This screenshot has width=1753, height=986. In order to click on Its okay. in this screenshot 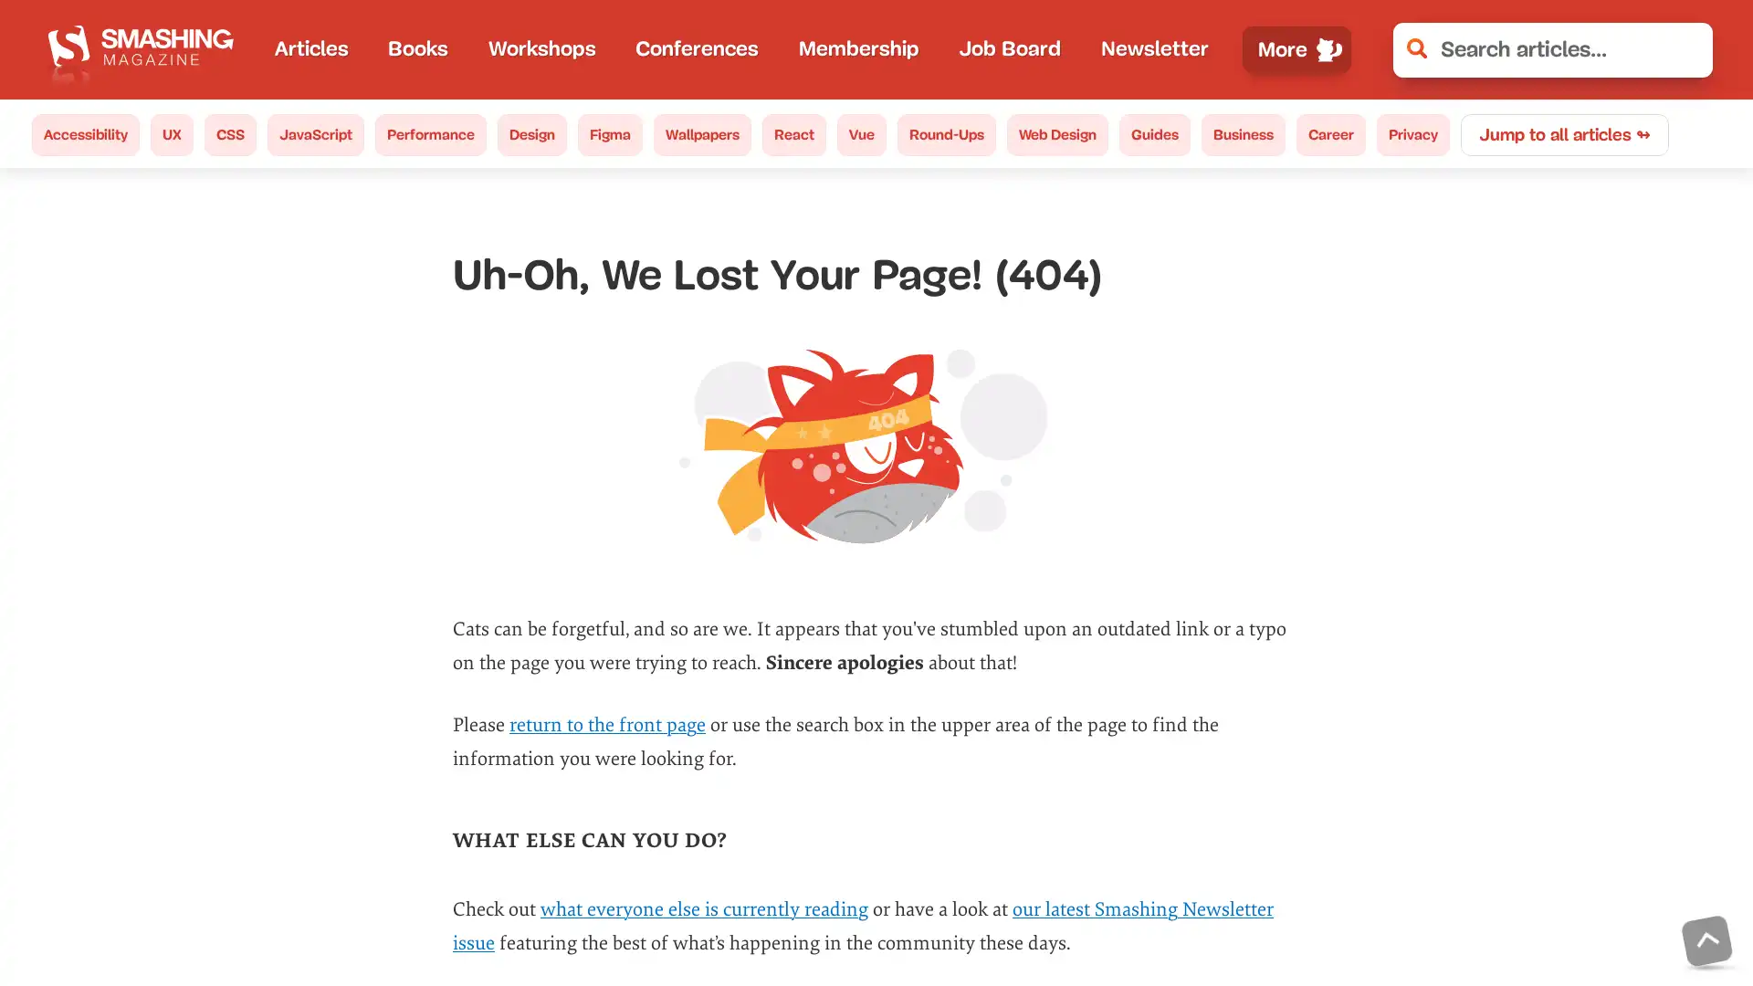, I will do `click(1600, 912)`.